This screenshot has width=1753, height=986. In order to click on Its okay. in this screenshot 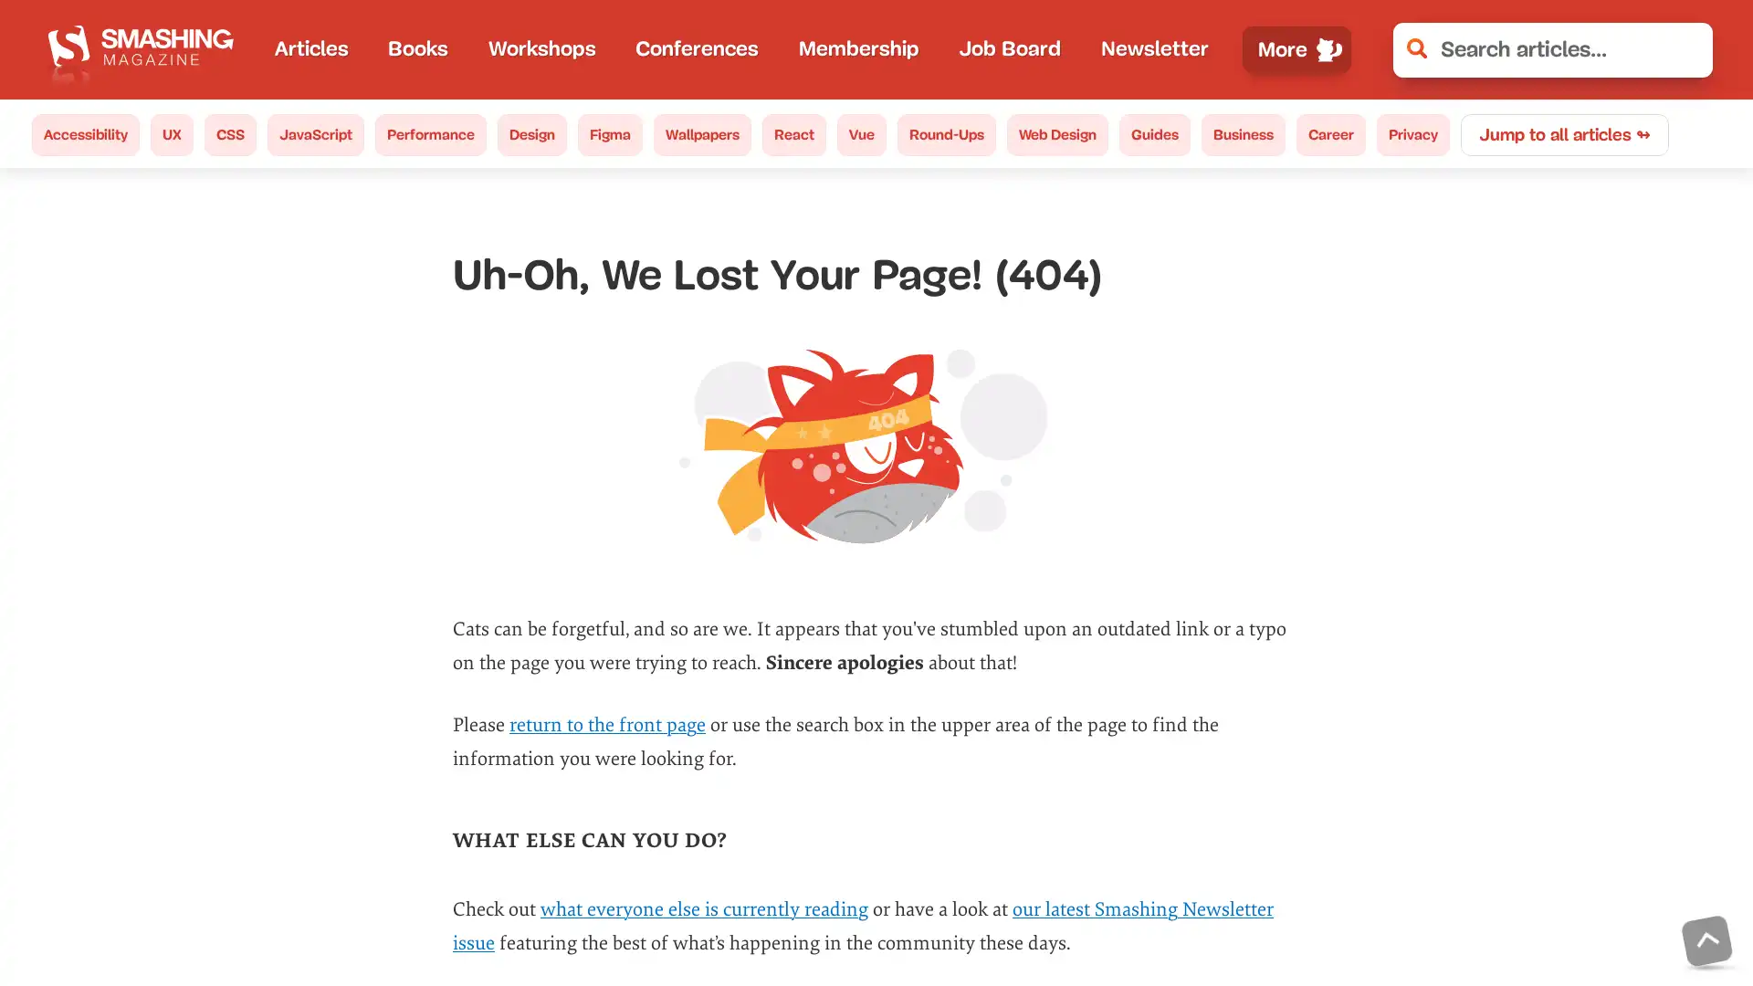, I will do `click(1600, 912)`.